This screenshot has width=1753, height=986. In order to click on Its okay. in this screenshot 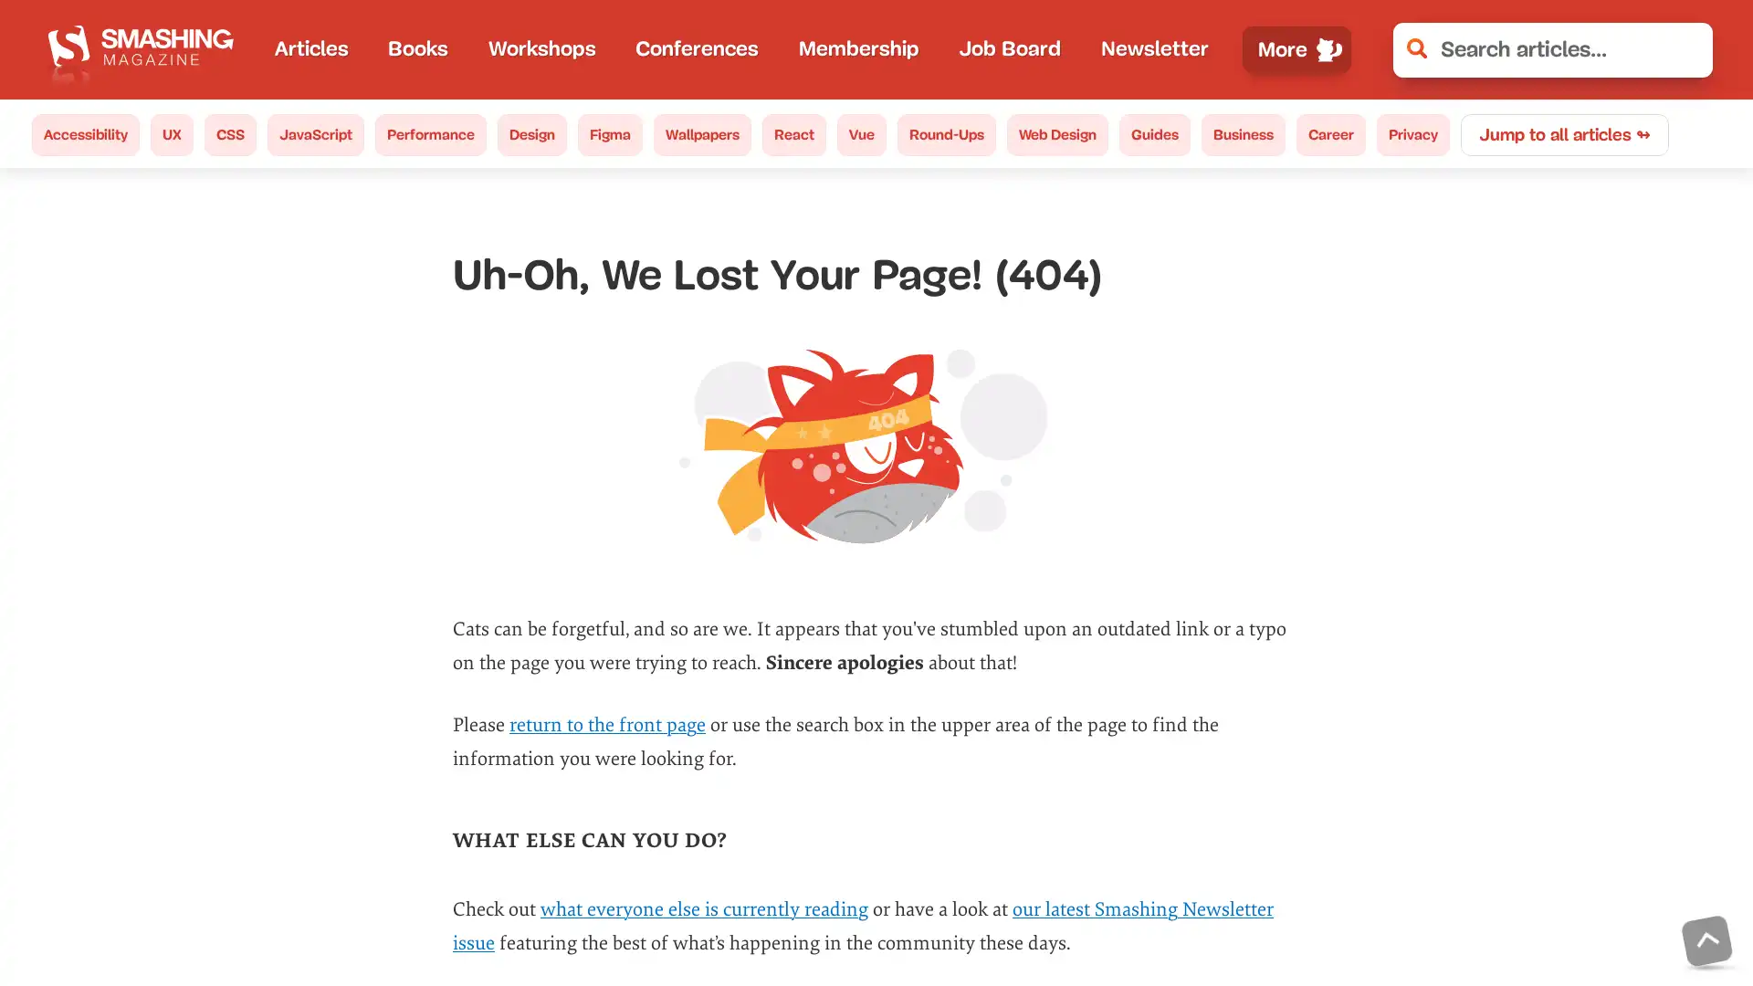, I will do `click(1600, 912)`.